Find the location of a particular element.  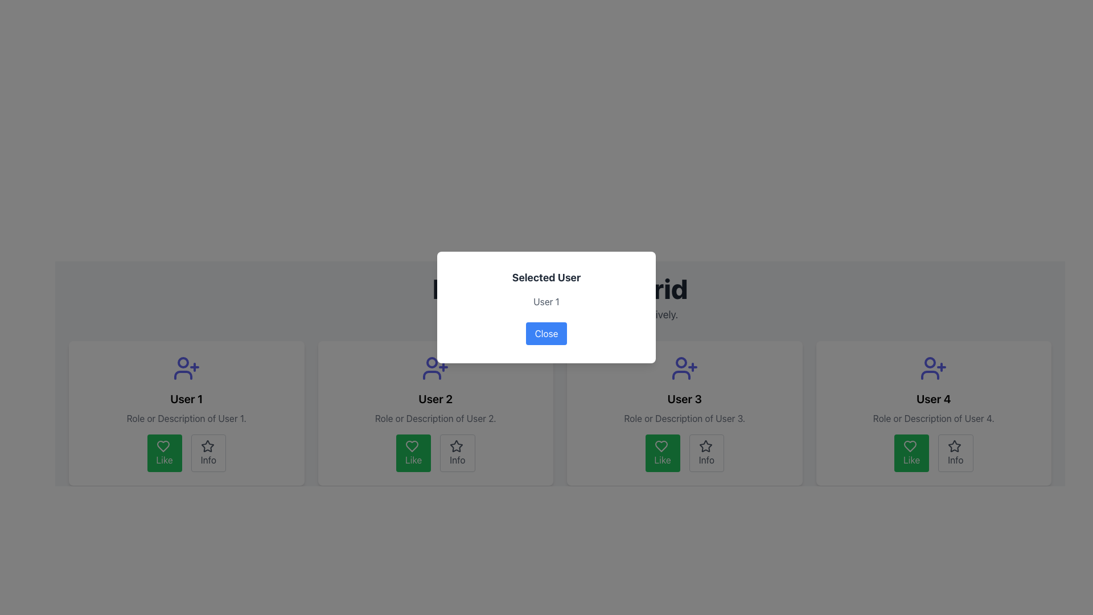

user icon with a '+' sign located at the top of the card for 'User 2' by clicking on it is located at coordinates (435, 368).